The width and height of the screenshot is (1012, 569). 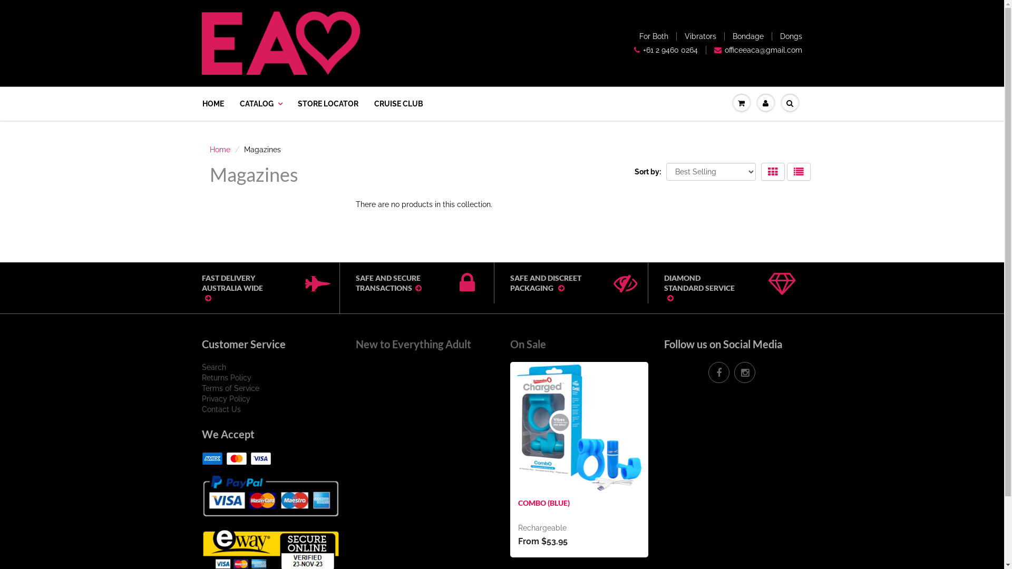 I want to click on 'eWAY Payment Gateway', so click(x=201, y=548).